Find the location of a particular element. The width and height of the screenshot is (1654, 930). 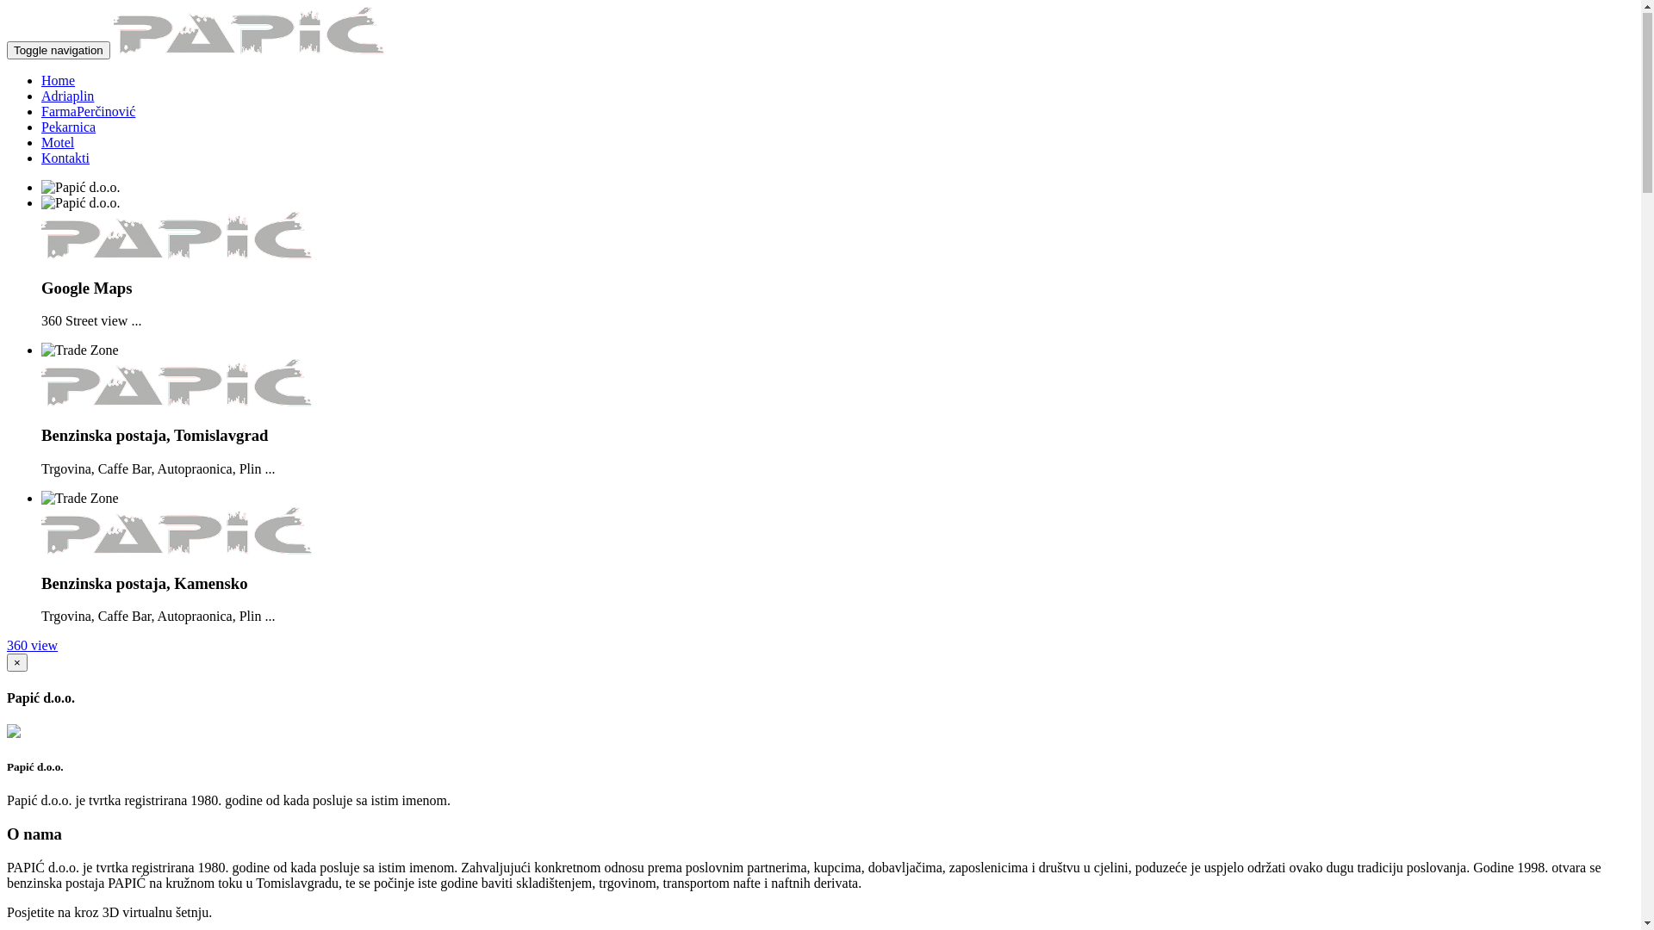

'Motel' is located at coordinates (58, 142).